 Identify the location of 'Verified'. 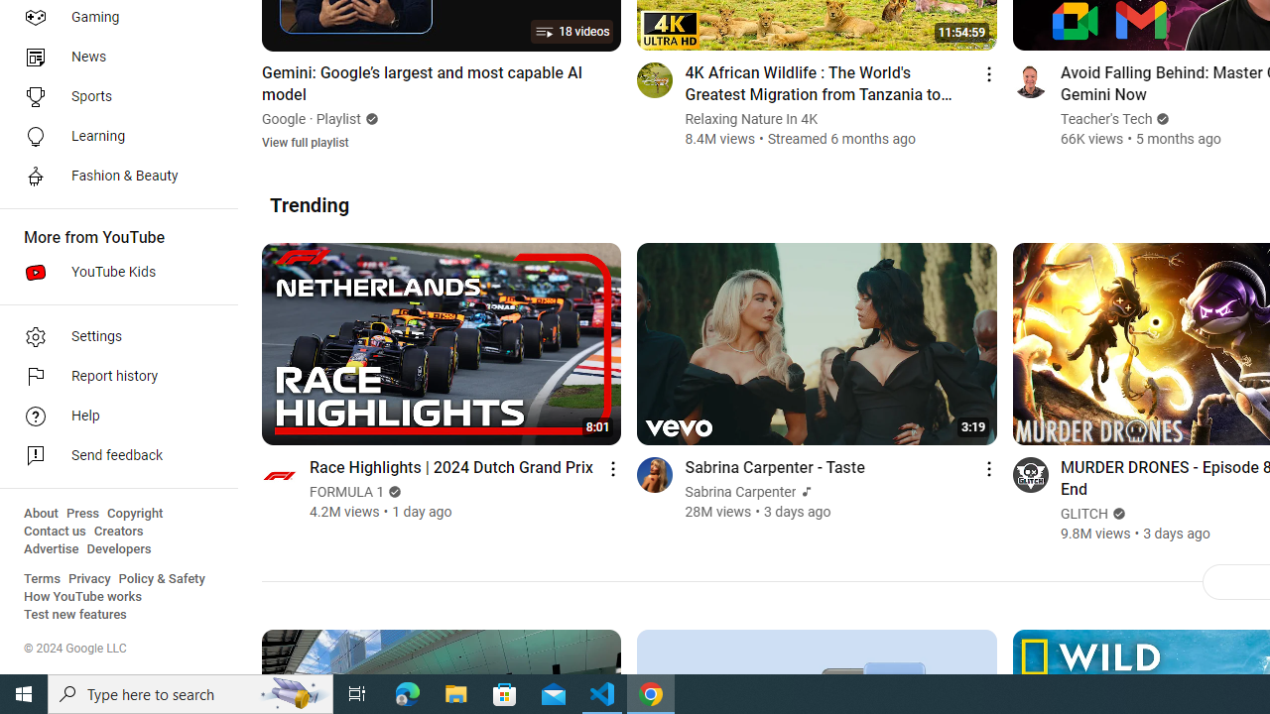
(1116, 513).